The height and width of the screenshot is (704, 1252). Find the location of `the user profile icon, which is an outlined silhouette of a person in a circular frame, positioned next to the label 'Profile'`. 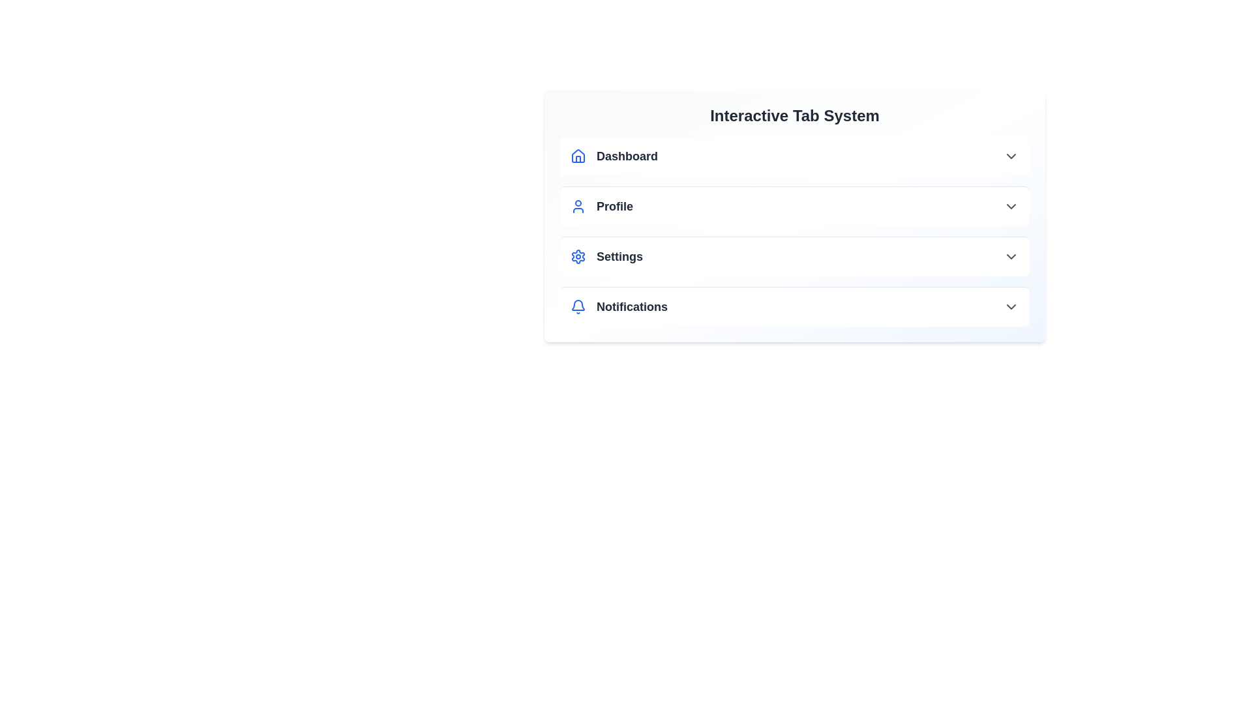

the user profile icon, which is an outlined silhouette of a person in a circular frame, positioned next to the label 'Profile' is located at coordinates (578, 205).